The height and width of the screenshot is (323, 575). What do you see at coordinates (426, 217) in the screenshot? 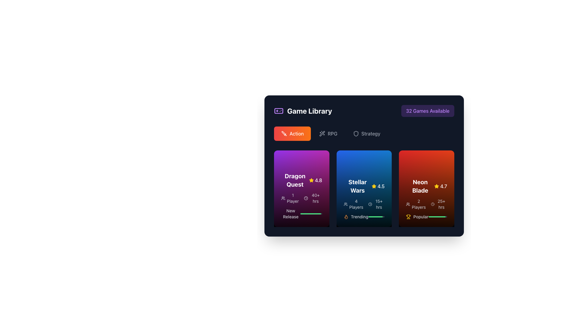
I see `text 'Popular' from the informational label with an icon and progress bar located at the bottom section of the 'Neon Blade' game card, which is the third card in the row` at bounding box center [426, 217].